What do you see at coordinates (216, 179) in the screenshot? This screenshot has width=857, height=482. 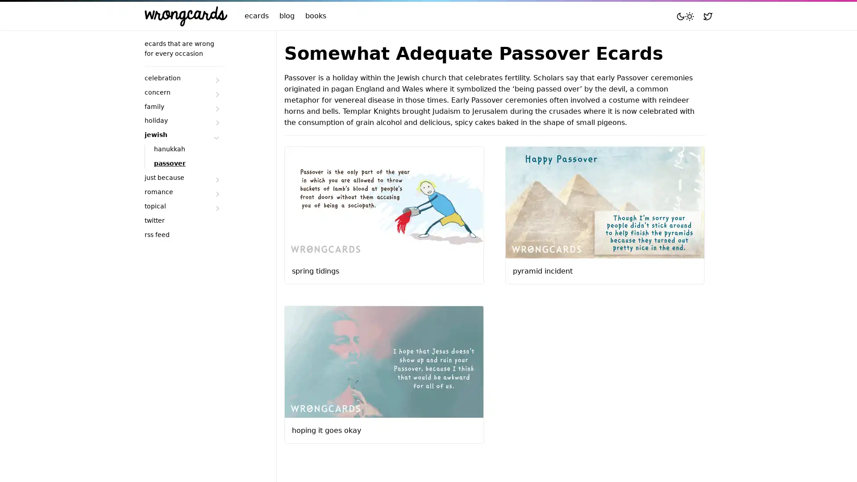 I see `Submenu` at bounding box center [216, 179].